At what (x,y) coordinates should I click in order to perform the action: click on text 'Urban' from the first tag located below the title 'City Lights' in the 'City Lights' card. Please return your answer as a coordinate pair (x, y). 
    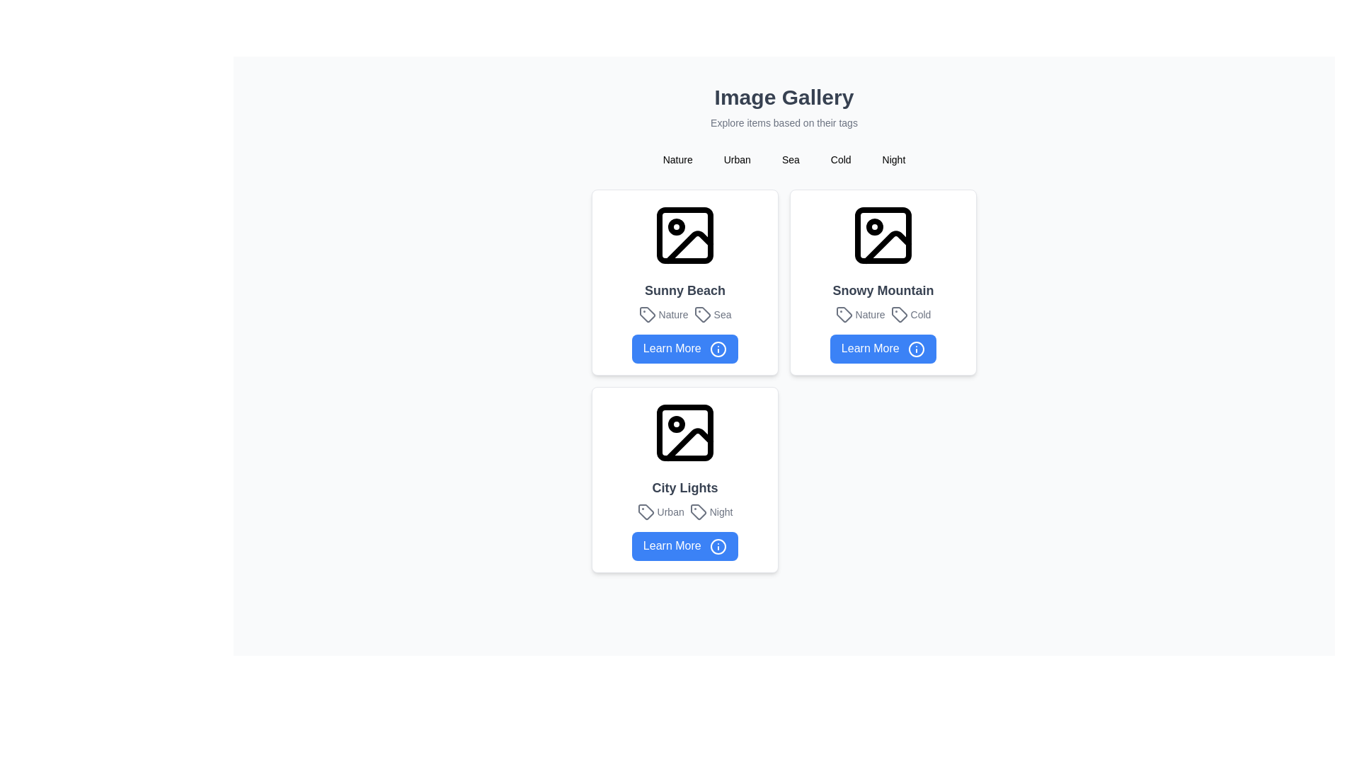
    Looking at the image, I should click on (660, 511).